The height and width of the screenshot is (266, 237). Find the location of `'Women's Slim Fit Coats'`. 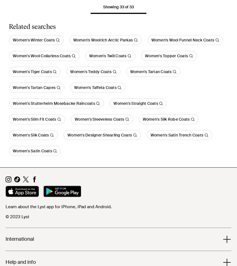

'Women's Slim Fit Coats' is located at coordinates (13, 119).